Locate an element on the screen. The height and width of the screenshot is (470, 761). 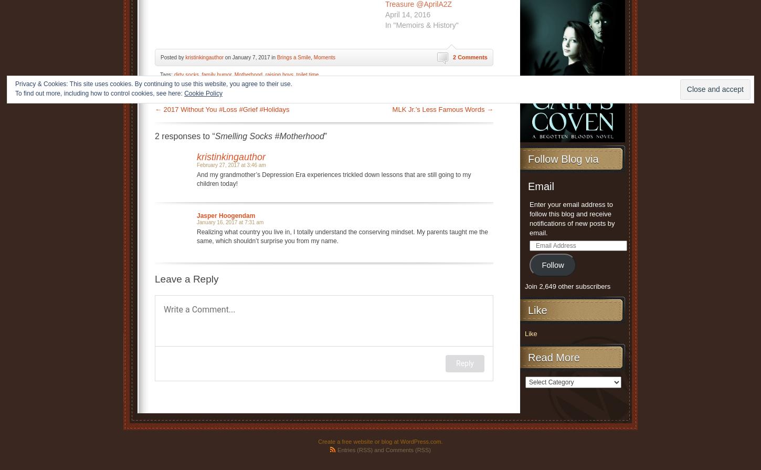
'January 16, 2017 at 7:31 am' is located at coordinates (229, 222).